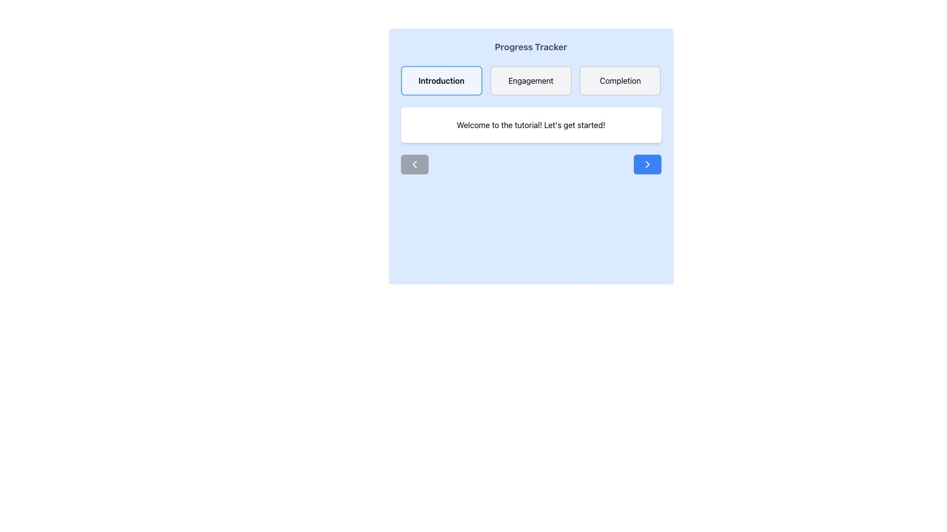  Describe the element at coordinates (414, 164) in the screenshot. I see `the left navigation button located below the introductory message 'Welcome to the tutorial! Let’s get started!'` at that location.